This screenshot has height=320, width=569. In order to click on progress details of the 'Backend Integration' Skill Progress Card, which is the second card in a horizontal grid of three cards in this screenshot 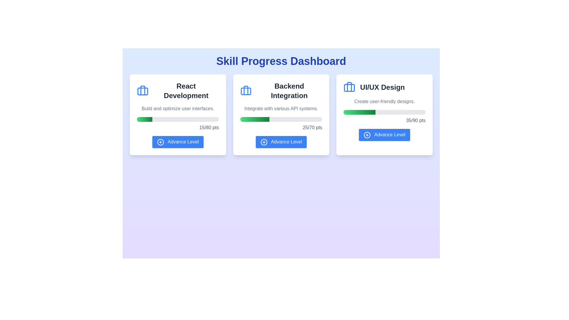, I will do `click(281, 115)`.